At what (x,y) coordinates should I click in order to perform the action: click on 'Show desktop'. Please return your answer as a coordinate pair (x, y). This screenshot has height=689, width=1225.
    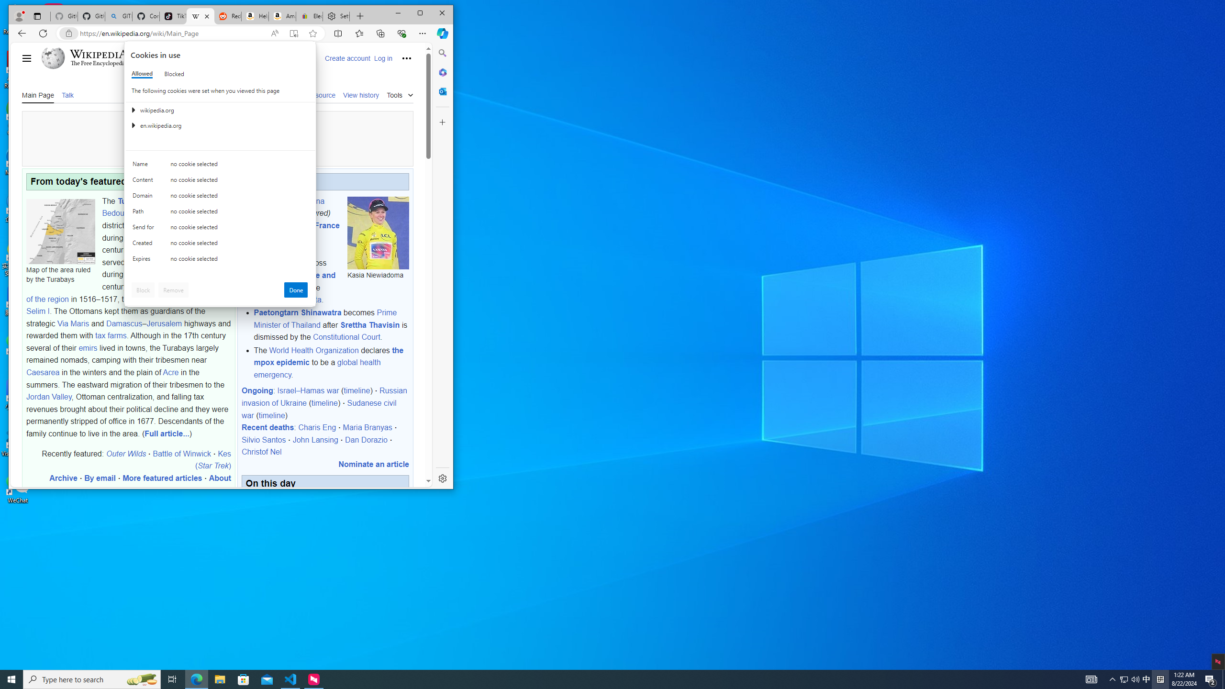
    Looking at the image, I should click on (1223, 678).